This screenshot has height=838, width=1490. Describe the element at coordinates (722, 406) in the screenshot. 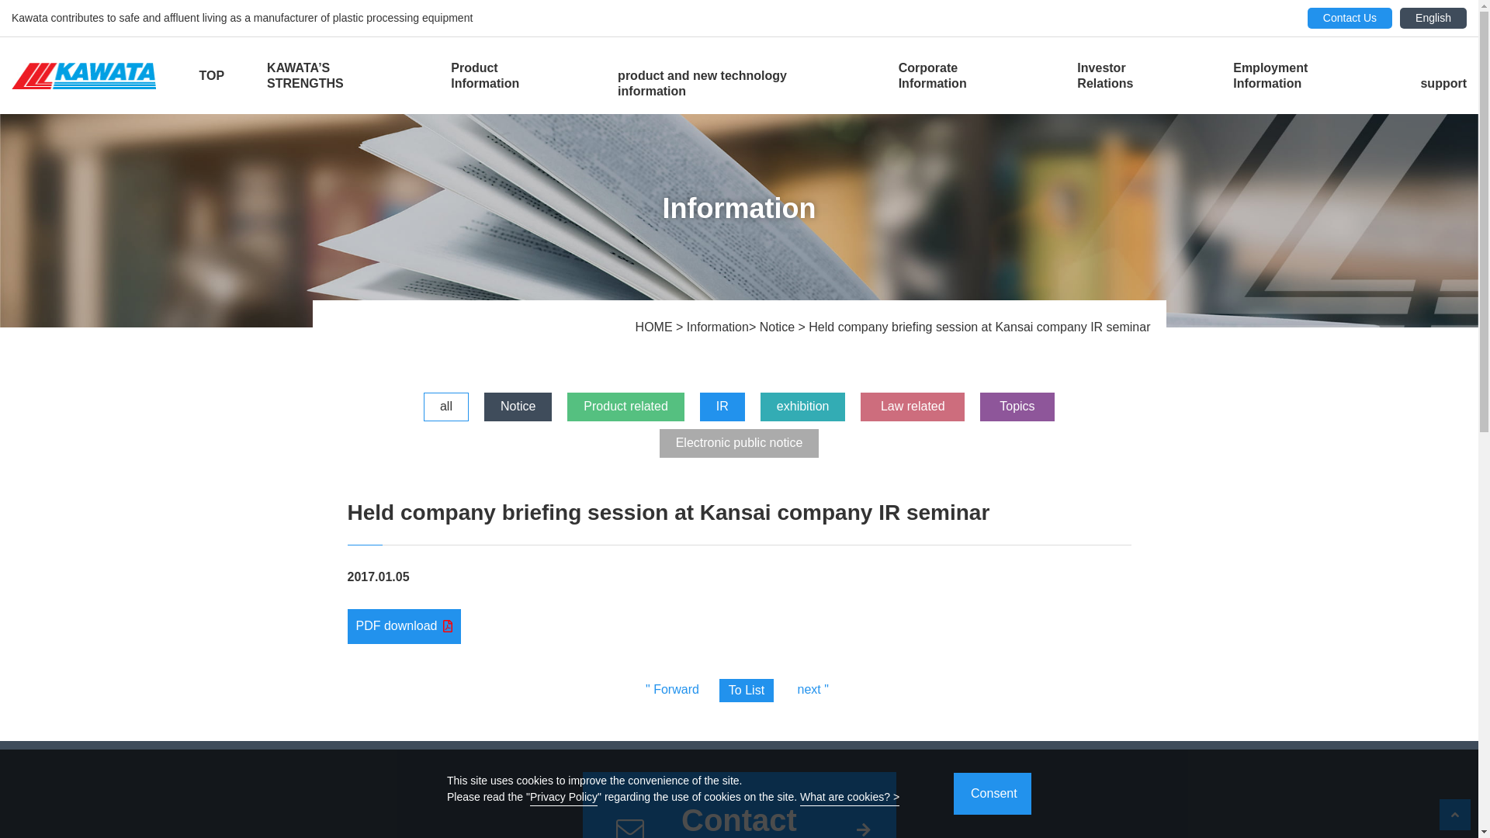

I see `'IR'` at that location.